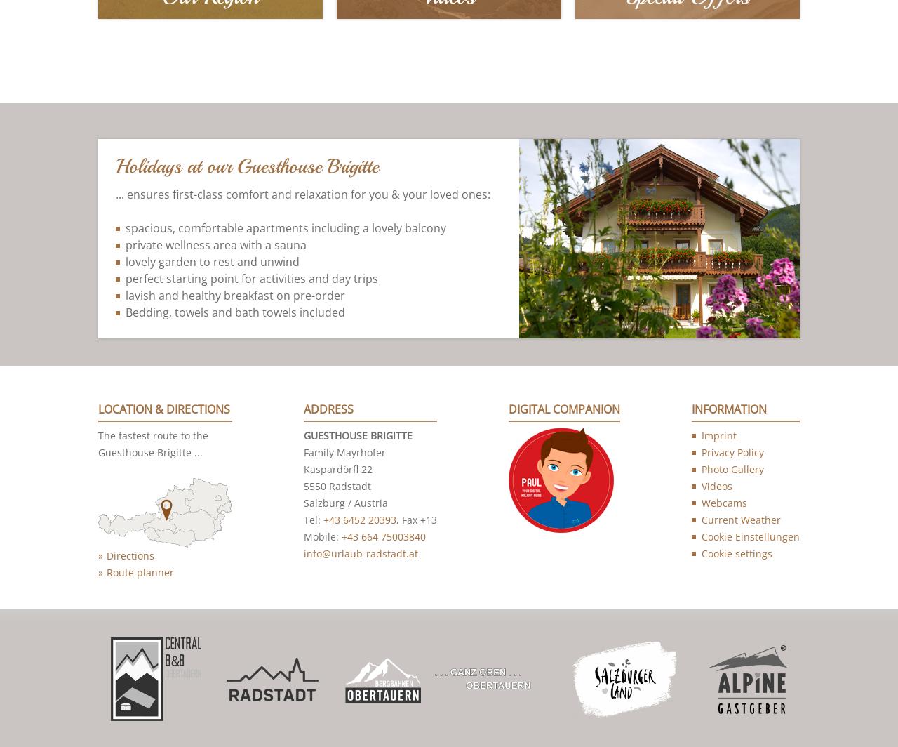 The width and height of the screenshot is (898, 747). Describe the element at coordinates (312, 521) in the screenshot. I see `'Tel:'` at that location.